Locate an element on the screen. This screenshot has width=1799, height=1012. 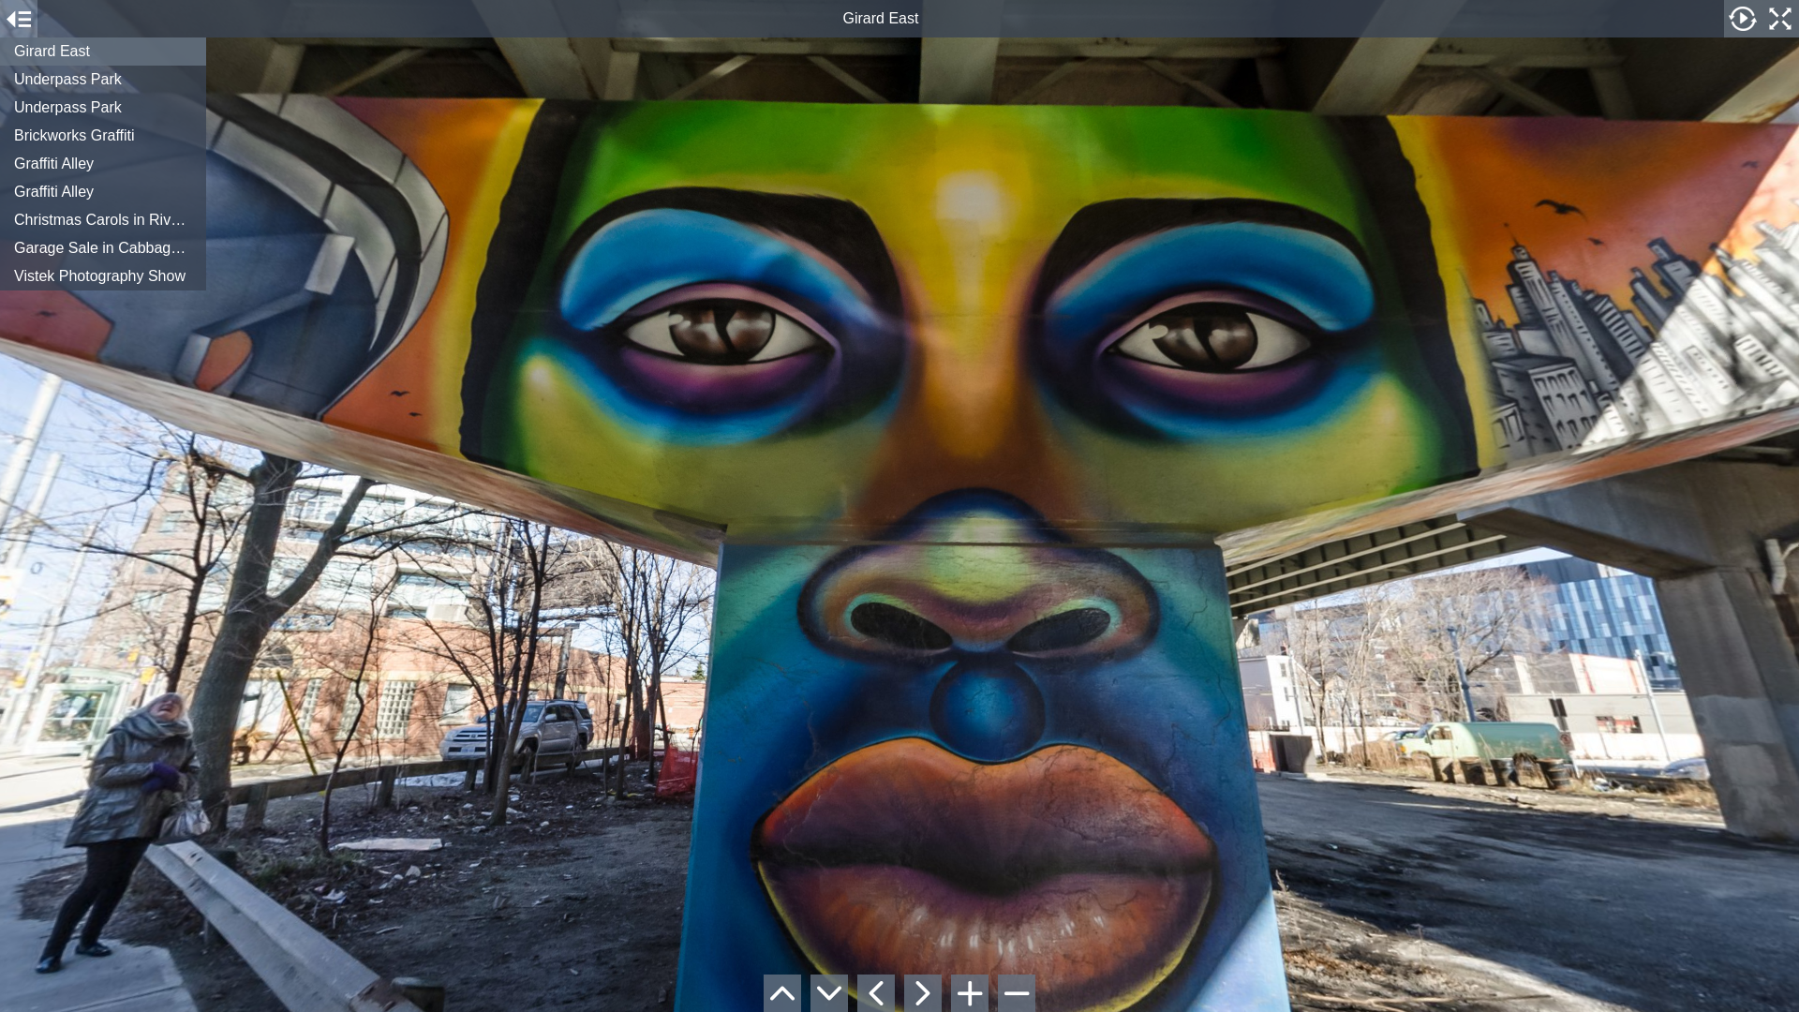
'Underpass Park' is located at coordinates (102, 108).